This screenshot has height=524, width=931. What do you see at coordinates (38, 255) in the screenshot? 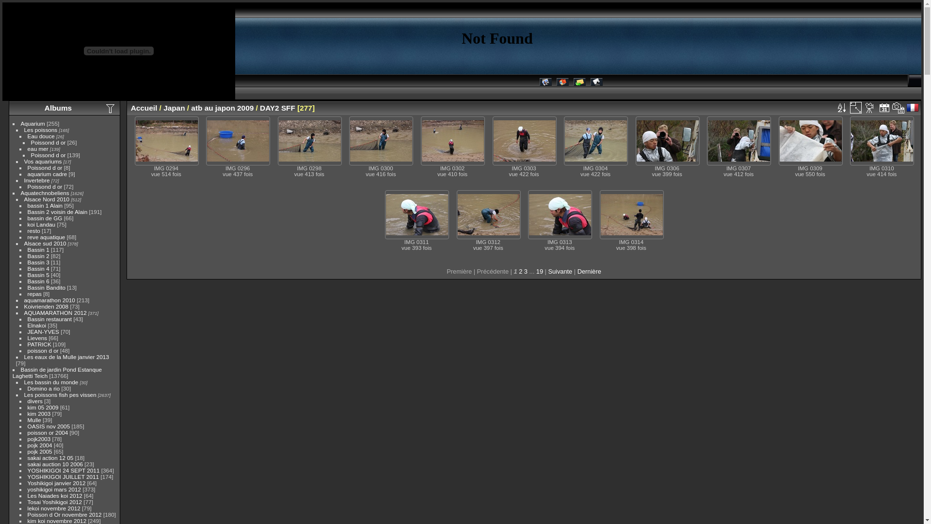
I see `'Bassin 2'` at bounding box center [38, 255].